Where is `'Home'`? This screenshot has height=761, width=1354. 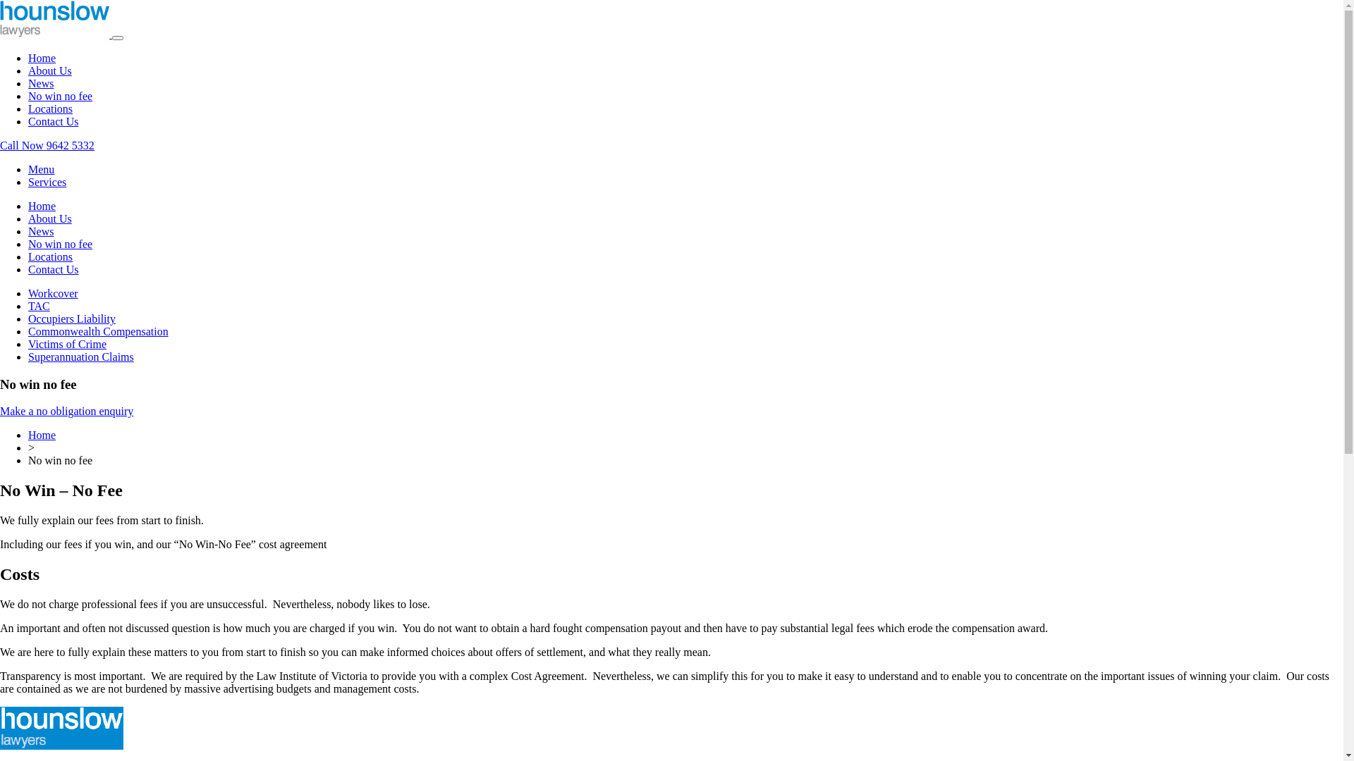
'Home' is located at coordinates (28, 434).